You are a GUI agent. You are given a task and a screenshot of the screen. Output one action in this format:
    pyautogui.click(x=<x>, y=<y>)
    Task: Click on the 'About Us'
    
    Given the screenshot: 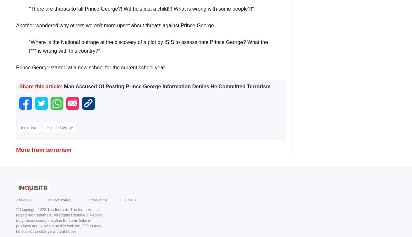 What is the action you would take?
    pyautogui.click(x=23, y=200)
    